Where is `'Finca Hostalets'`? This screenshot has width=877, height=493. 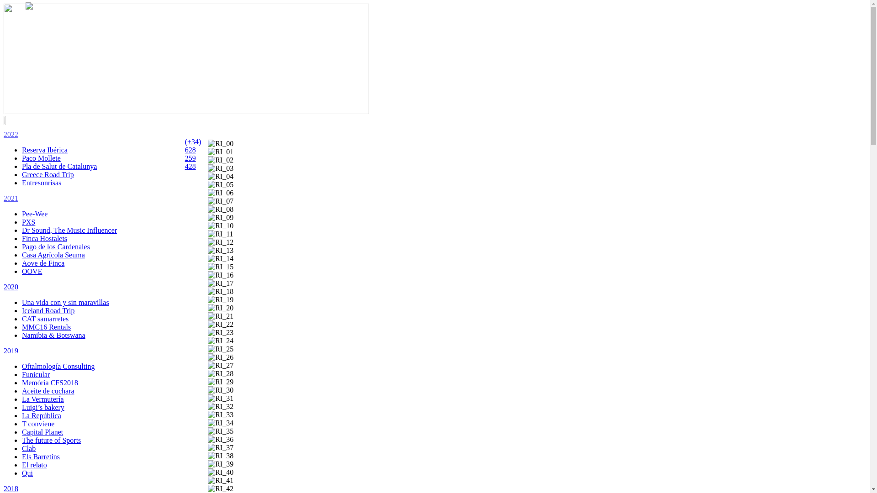 'Finca Hostalets' is located at coordinates (22, 238).